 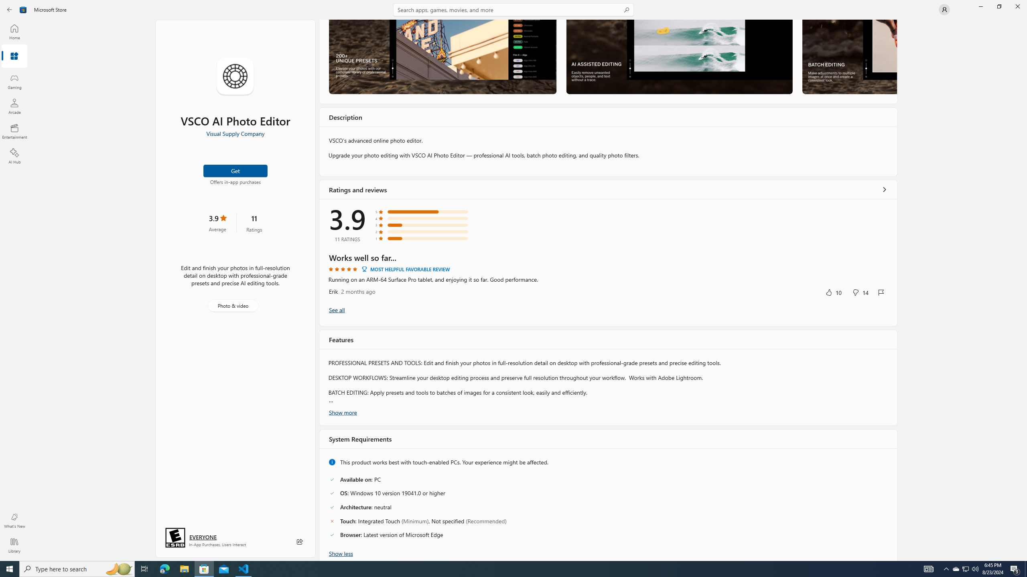 What do you see at coordinates (203, 537) in the screenshot?
I see `'Age rating: EVERYONE. Click for more information.'` at bounding box center [203, 537].